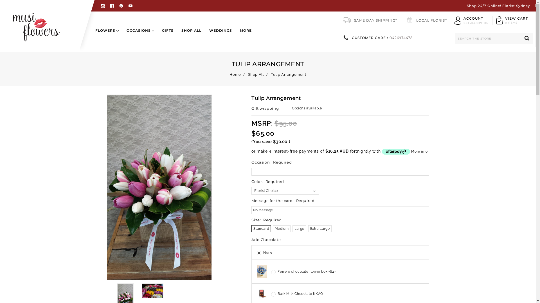 Image resolution: width=540 pixels, height=303 pixels. I want to click on 'OCCASIONS', so click(140, 35).